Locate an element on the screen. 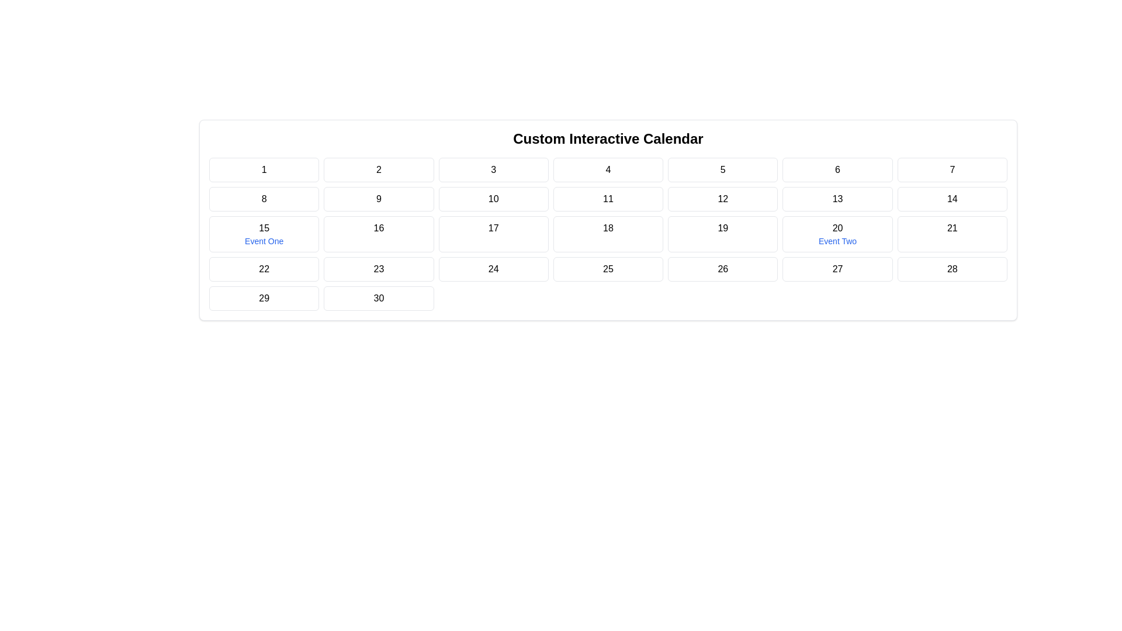  the Calendar date button representing the date '26' is located at coordinates (722, 269).